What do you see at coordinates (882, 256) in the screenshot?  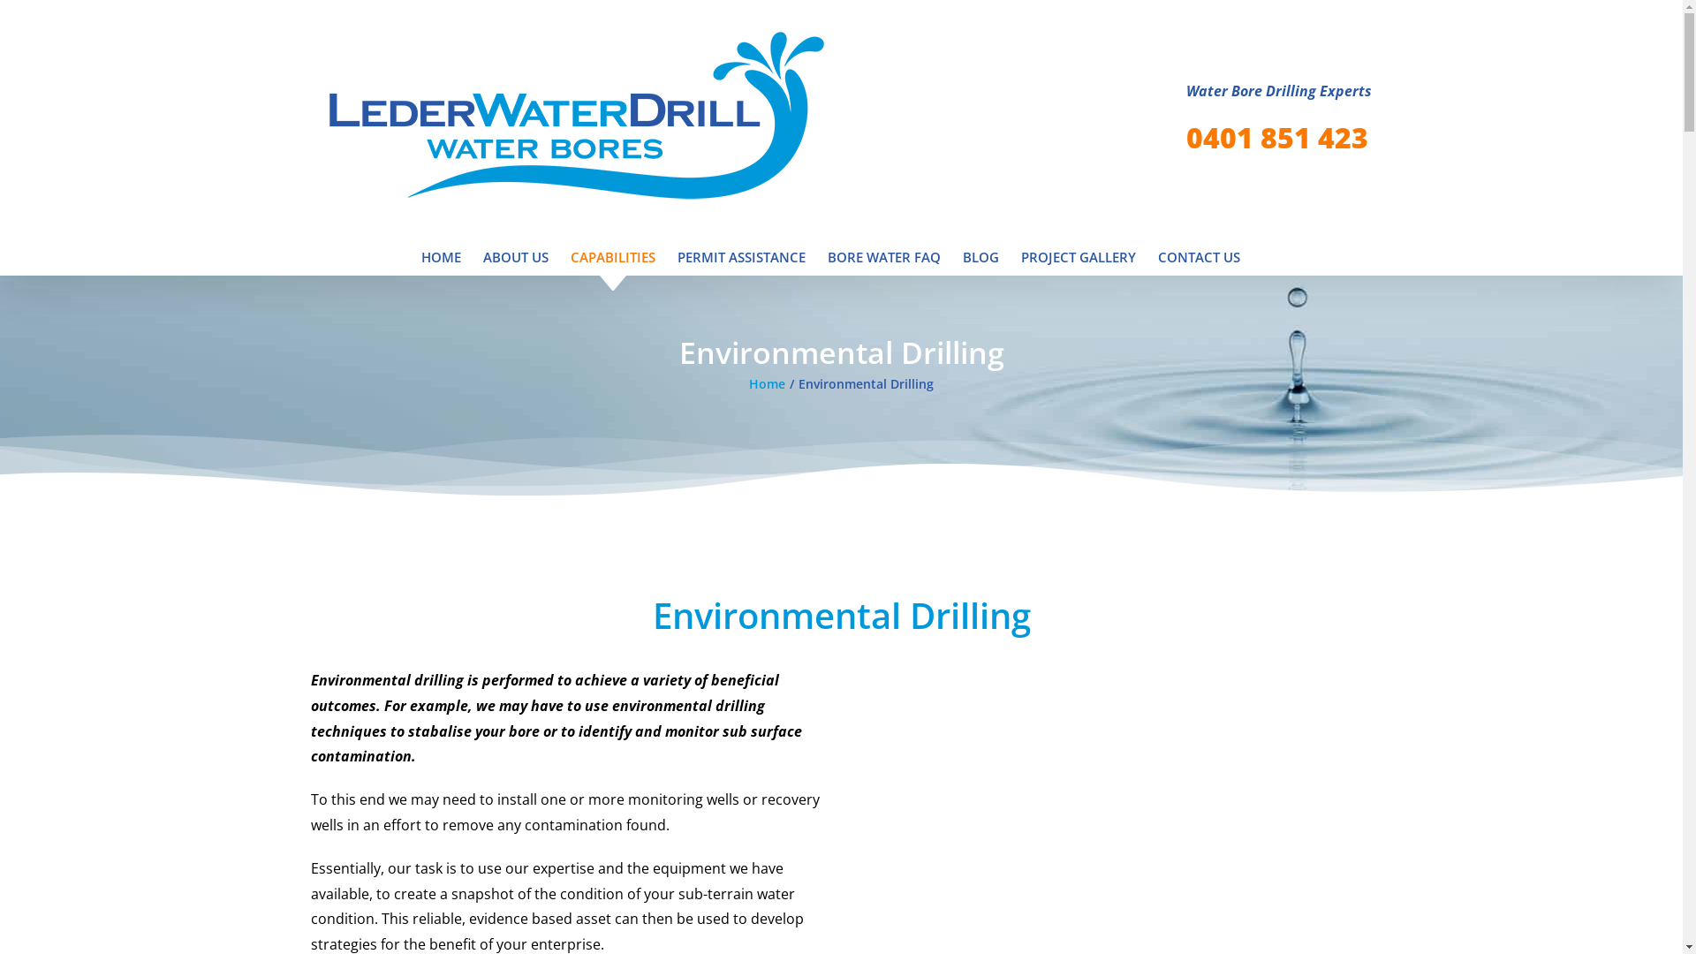 I see `'BORE WATER FAQ'` at bounding box center [882, 256].